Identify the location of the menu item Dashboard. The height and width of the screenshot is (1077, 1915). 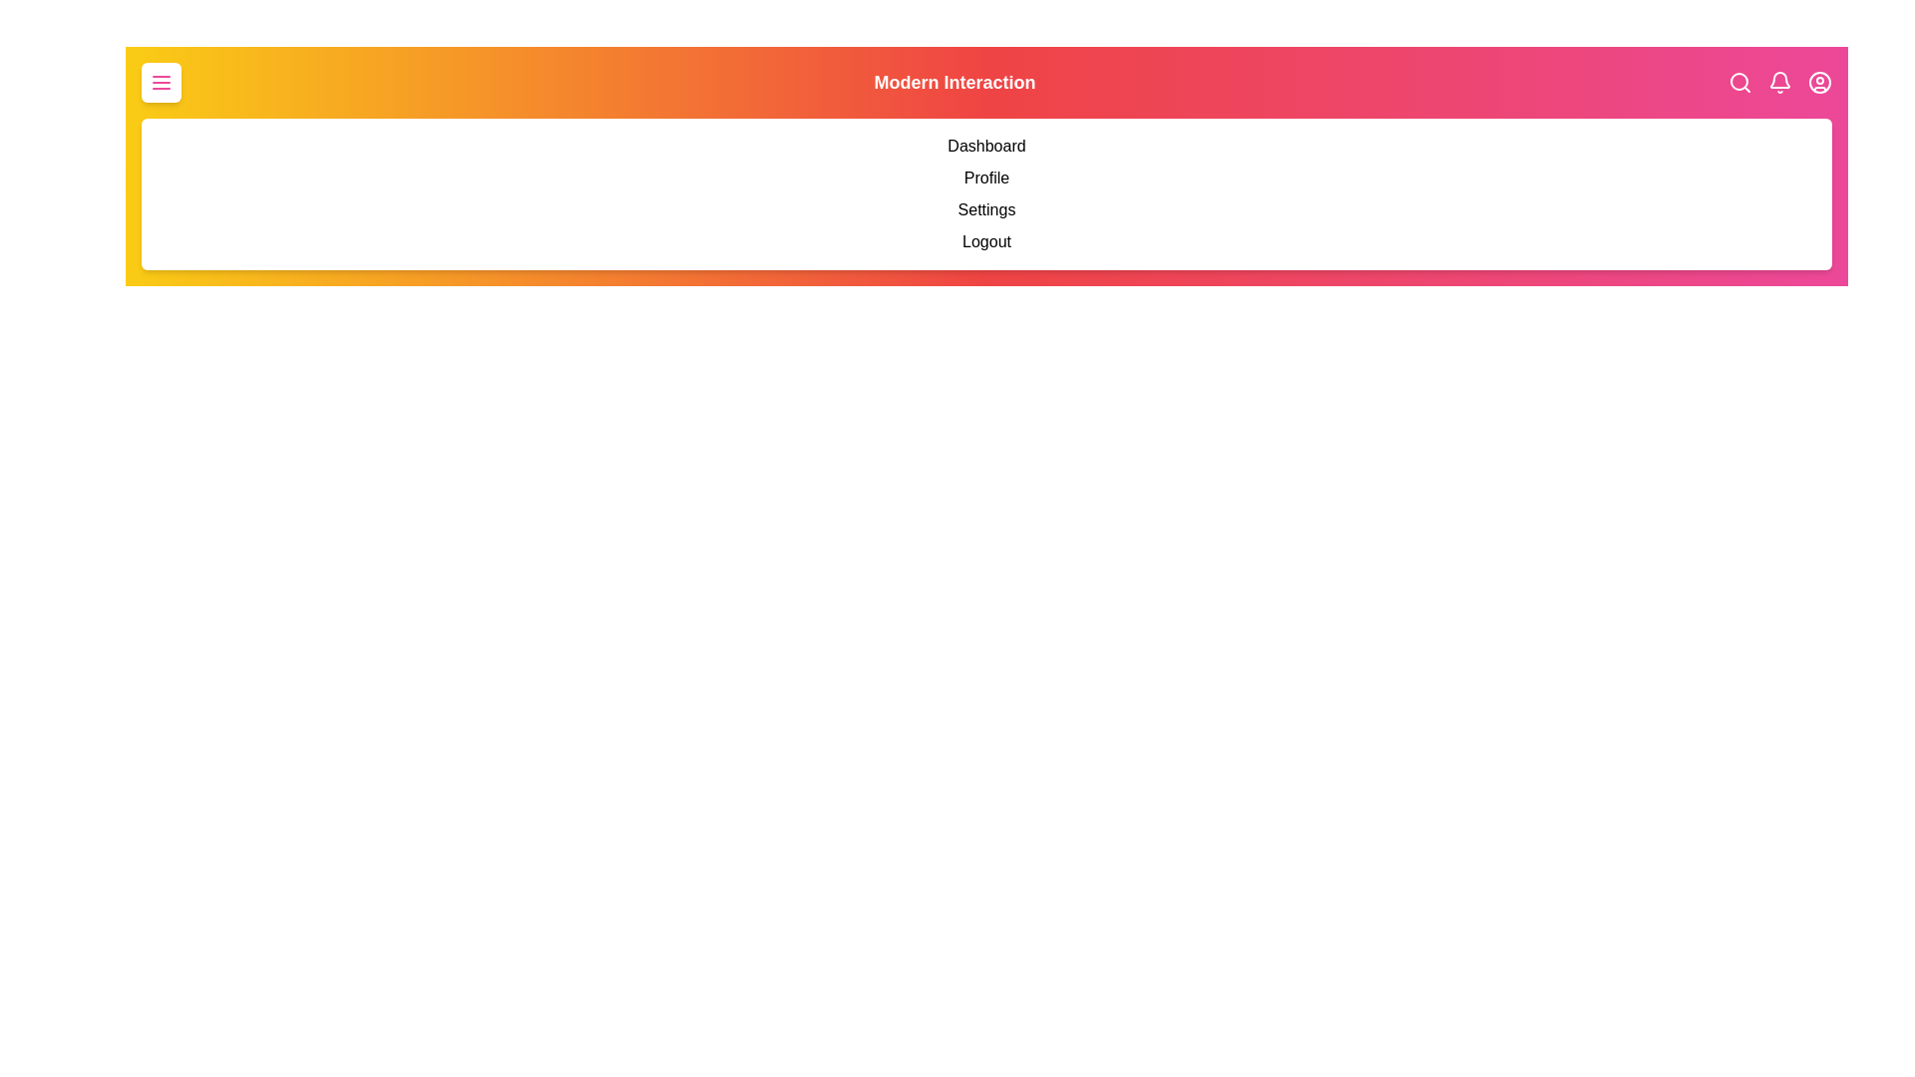
(157, 145).